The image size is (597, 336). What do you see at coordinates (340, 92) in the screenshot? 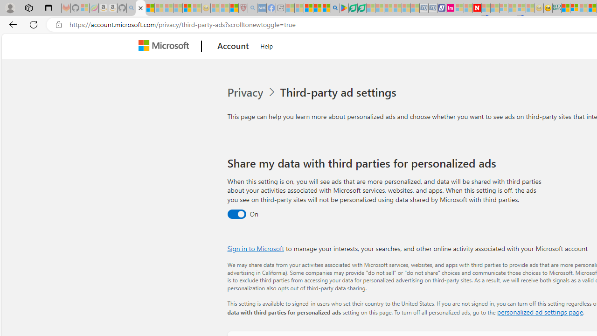
I see `'Third-party ad settings'` at bounding box center [340, 92].